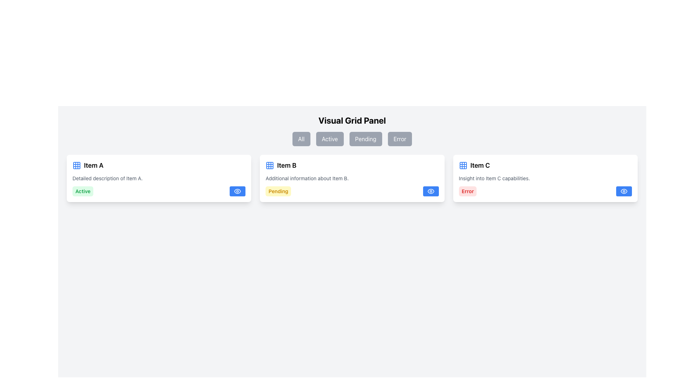 This screenshot has height=387, width=689. Describe the element at coordinates (83, 191) in the screenshot. I see `text displayed on the 'Active' badge, which is styled in bold green font on a light green background, located in the footer section of the card labeled 'Item A'` at that location.